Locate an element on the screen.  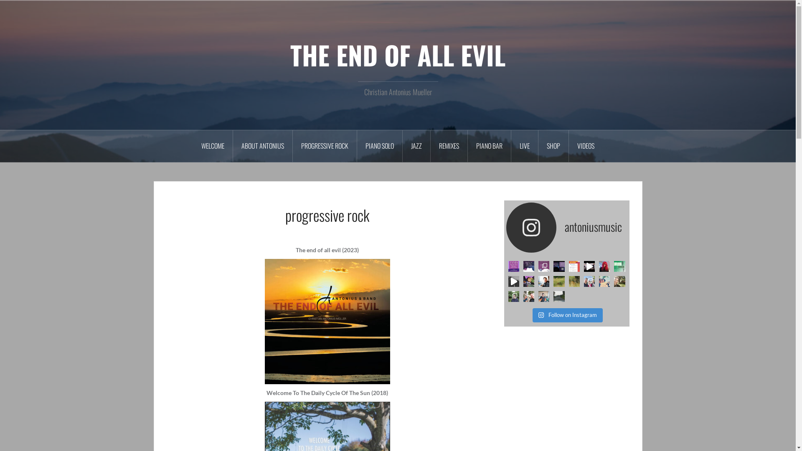
'JAZZ' is located at coordinates (416, 146).